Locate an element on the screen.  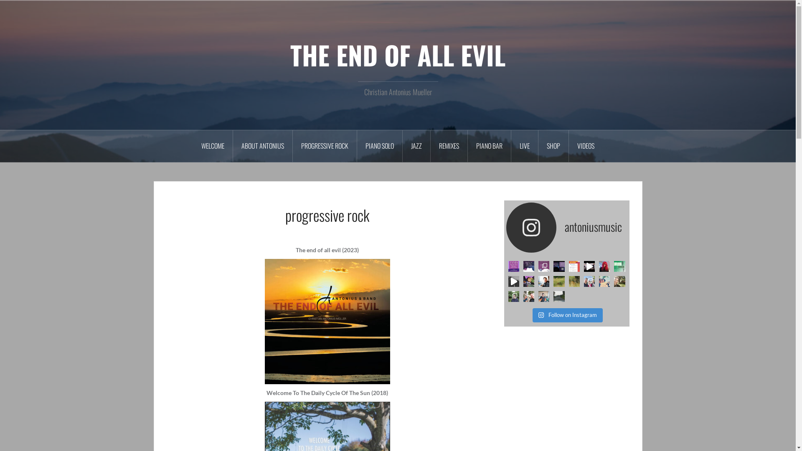
'JAZZ' is located at coordinates (416, 146).